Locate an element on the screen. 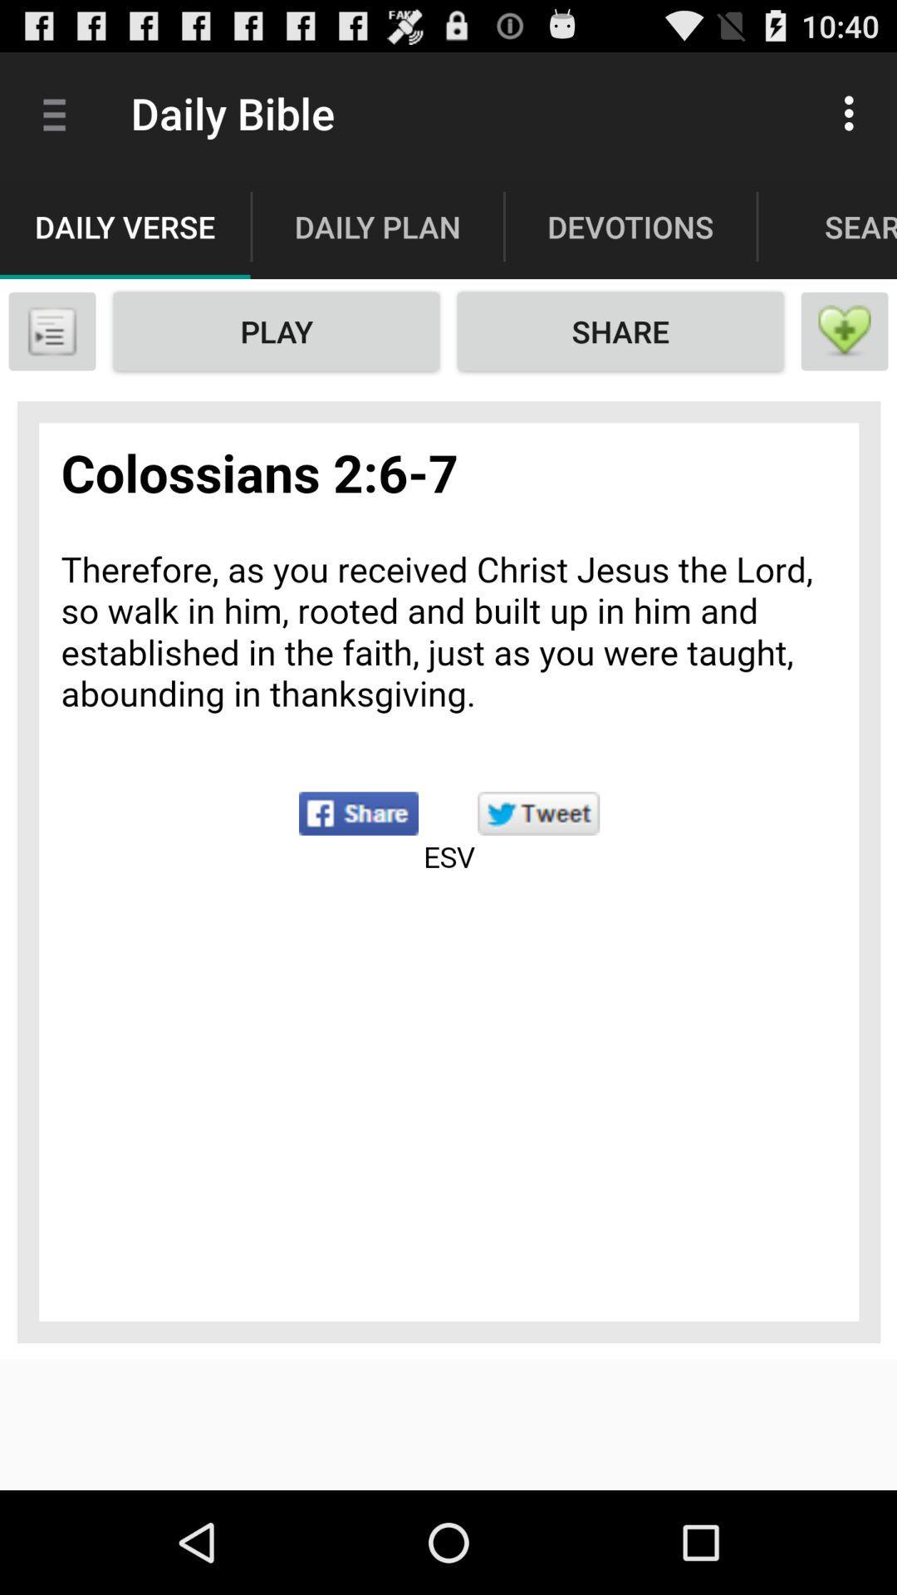  color print is located at coordinates (448, 871).